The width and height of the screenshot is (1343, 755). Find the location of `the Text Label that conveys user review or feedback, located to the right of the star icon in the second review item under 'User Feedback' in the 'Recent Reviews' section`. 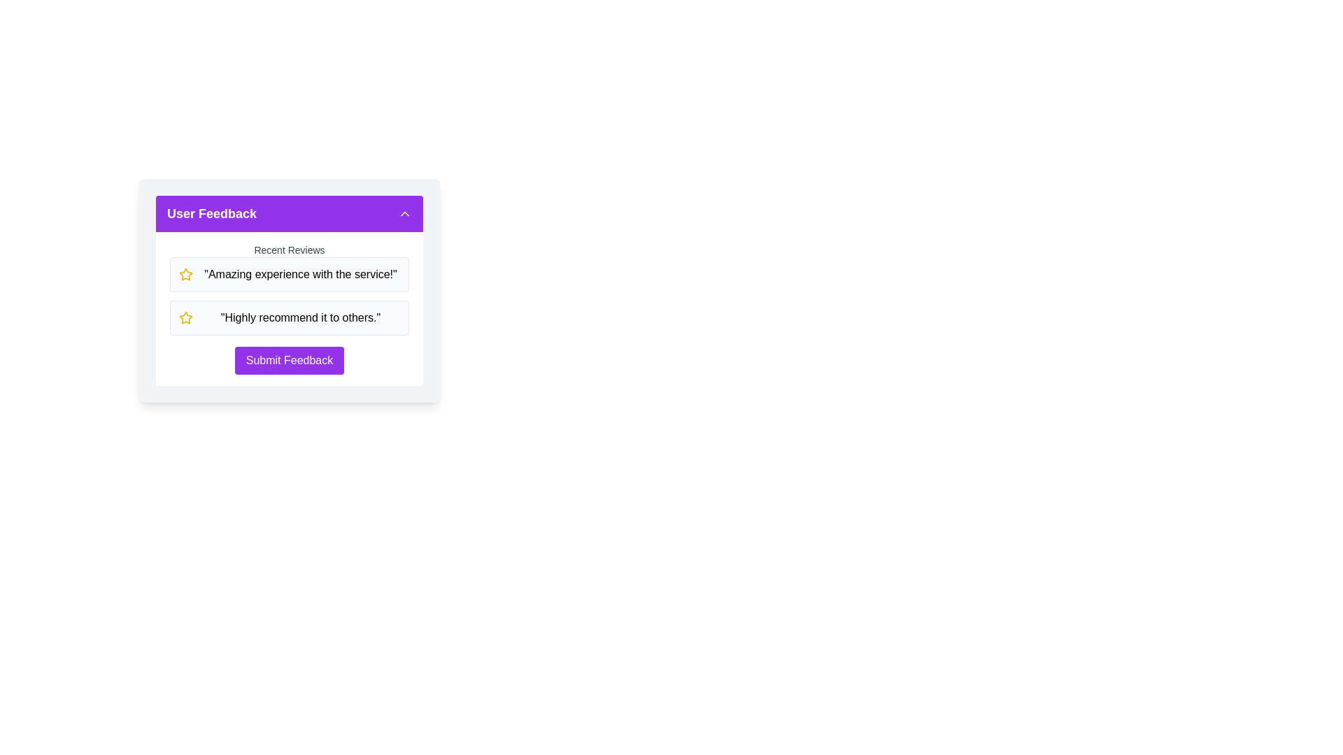

the Text Label that conveys user review or feedback, located to the right of the star icon in the second review item under 'User Feedback' in the 'Recent Reviews' section is located at coordinates (300, 318).